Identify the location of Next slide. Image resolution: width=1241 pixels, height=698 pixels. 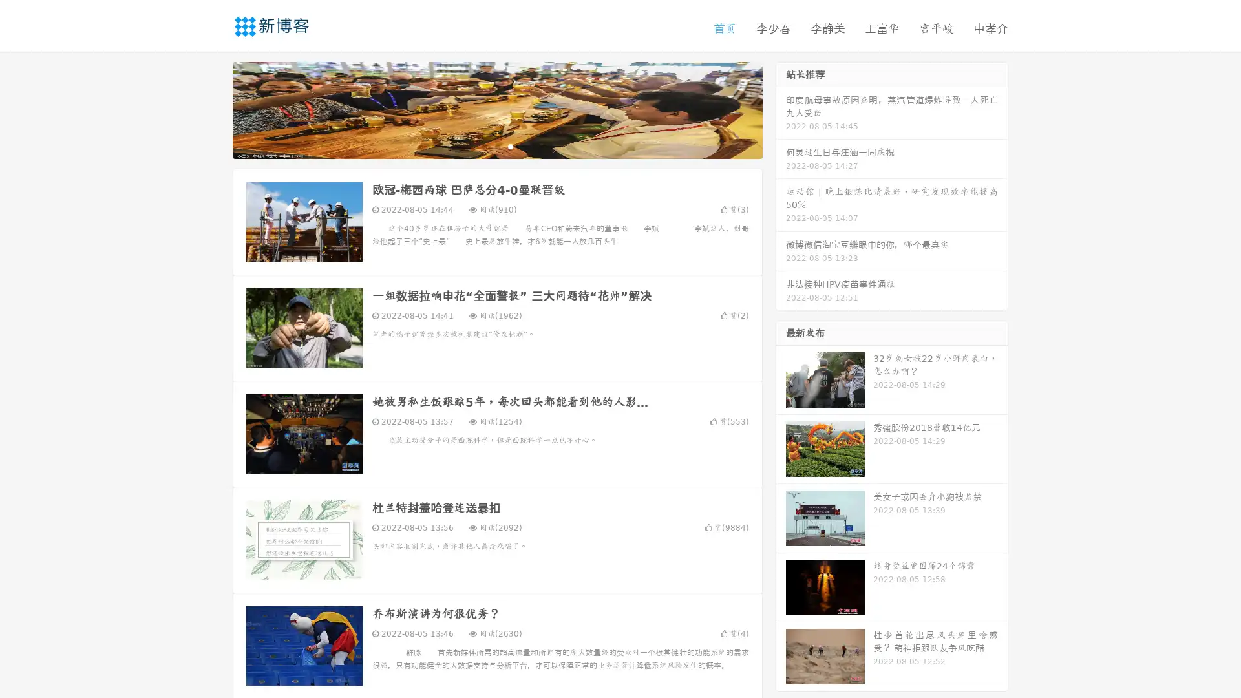
(781, 109).